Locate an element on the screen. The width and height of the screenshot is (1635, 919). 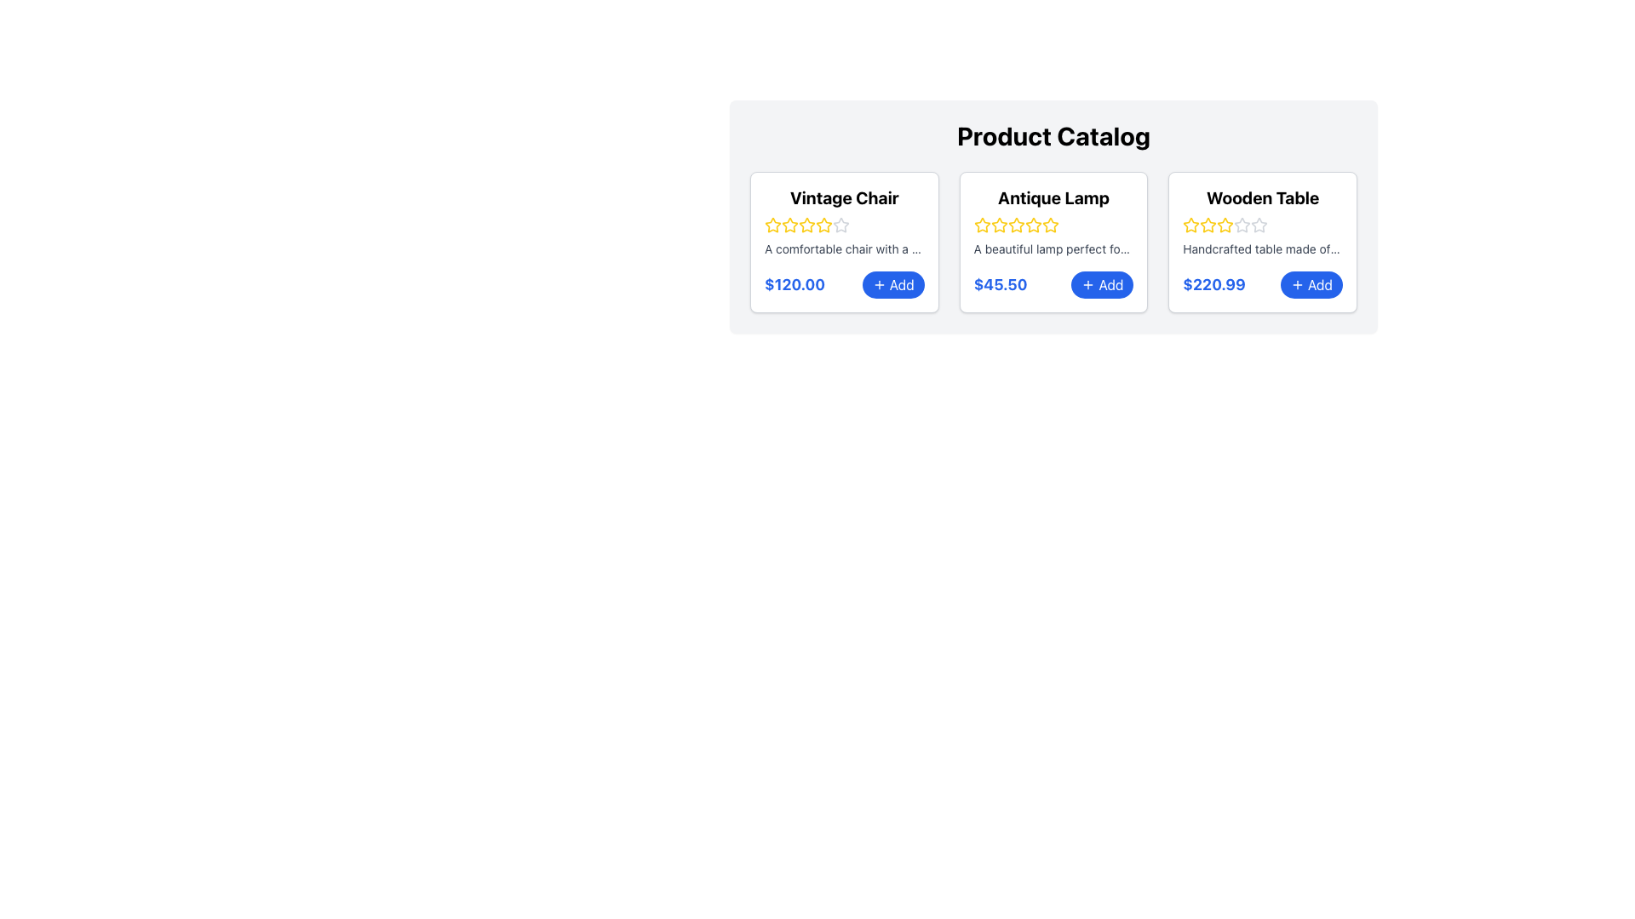
the text label displaying the price '$220.99' styled in bold blue font, located in the lower left corner of the rightmost product card is located at coordinates (1213, 284).